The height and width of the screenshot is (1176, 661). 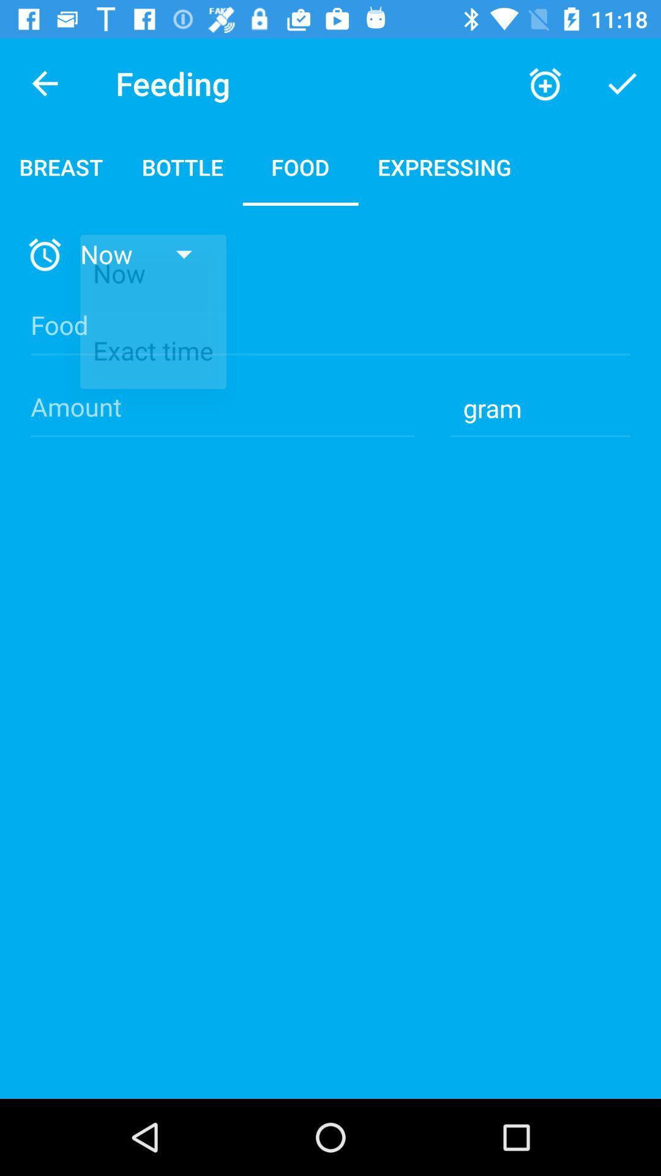 What do you see at coordinates (330, 336) in the screenshot?
I see `food exact time` at bounding box center [330, 336].